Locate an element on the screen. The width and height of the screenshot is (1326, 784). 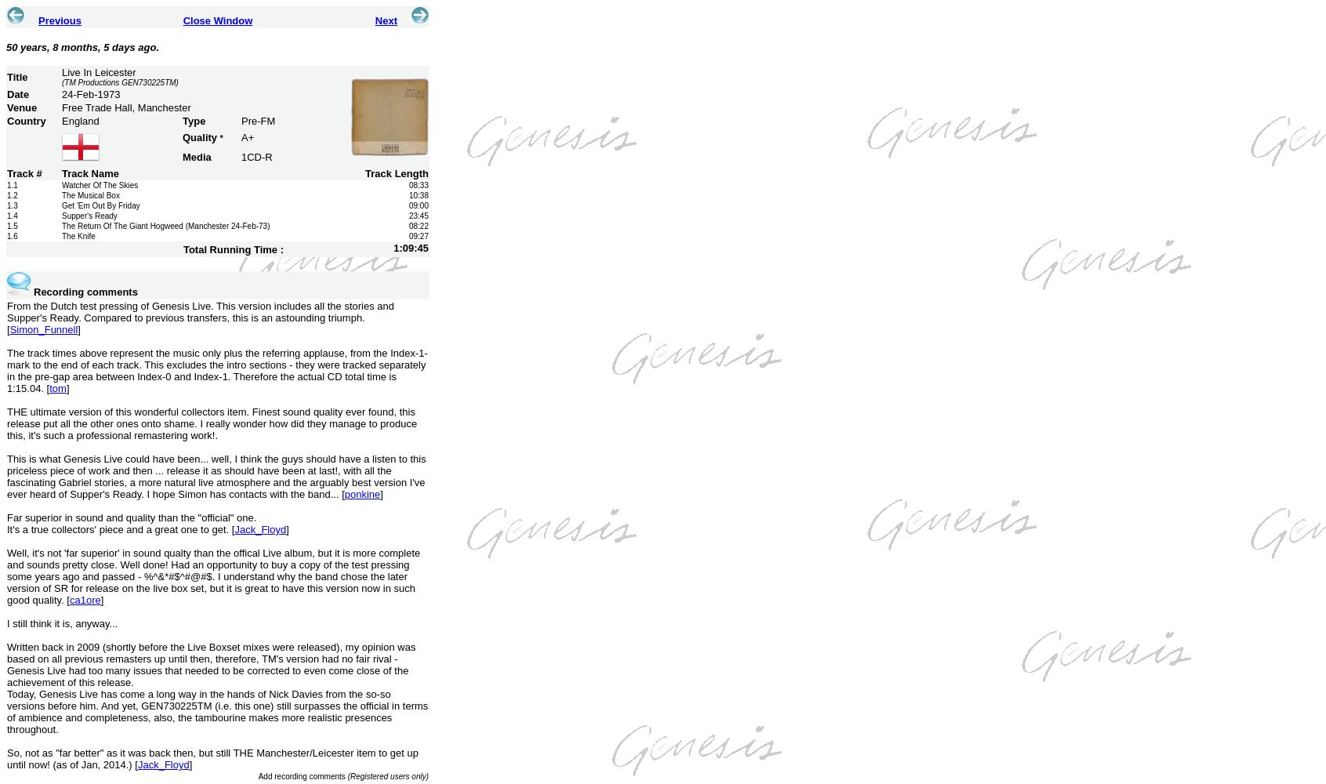
'From the Dutch test pressing of Genesis Live.  This version includes all the stories and Supper's Ready.  Compared to previous transfers, this is an astounding triumph. [' is located at coordinates (200, 318).